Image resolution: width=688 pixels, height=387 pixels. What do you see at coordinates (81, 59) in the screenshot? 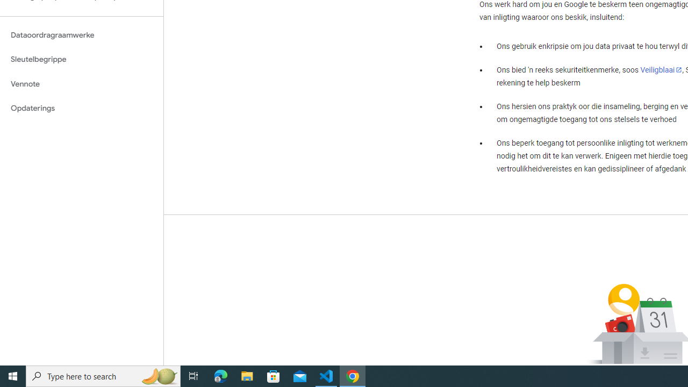
I see `'Sleutelbegrippe'` at bounding box center [81, 59].